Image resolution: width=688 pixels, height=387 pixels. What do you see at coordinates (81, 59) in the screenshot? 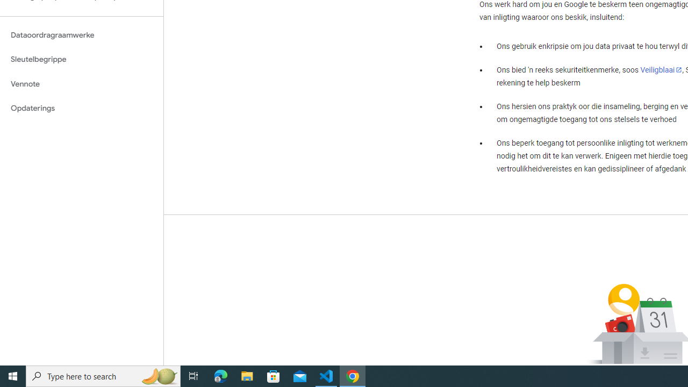
I see `'Sleutelbegrippe'` at bounding box center [81, 59].